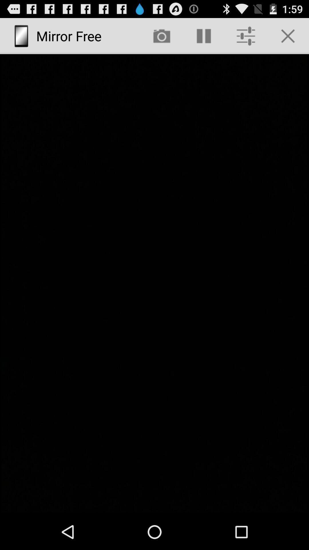  Describe the element at coordinates (162, 36) in the screenshot. I see `app next to mirror free icon` at that location.